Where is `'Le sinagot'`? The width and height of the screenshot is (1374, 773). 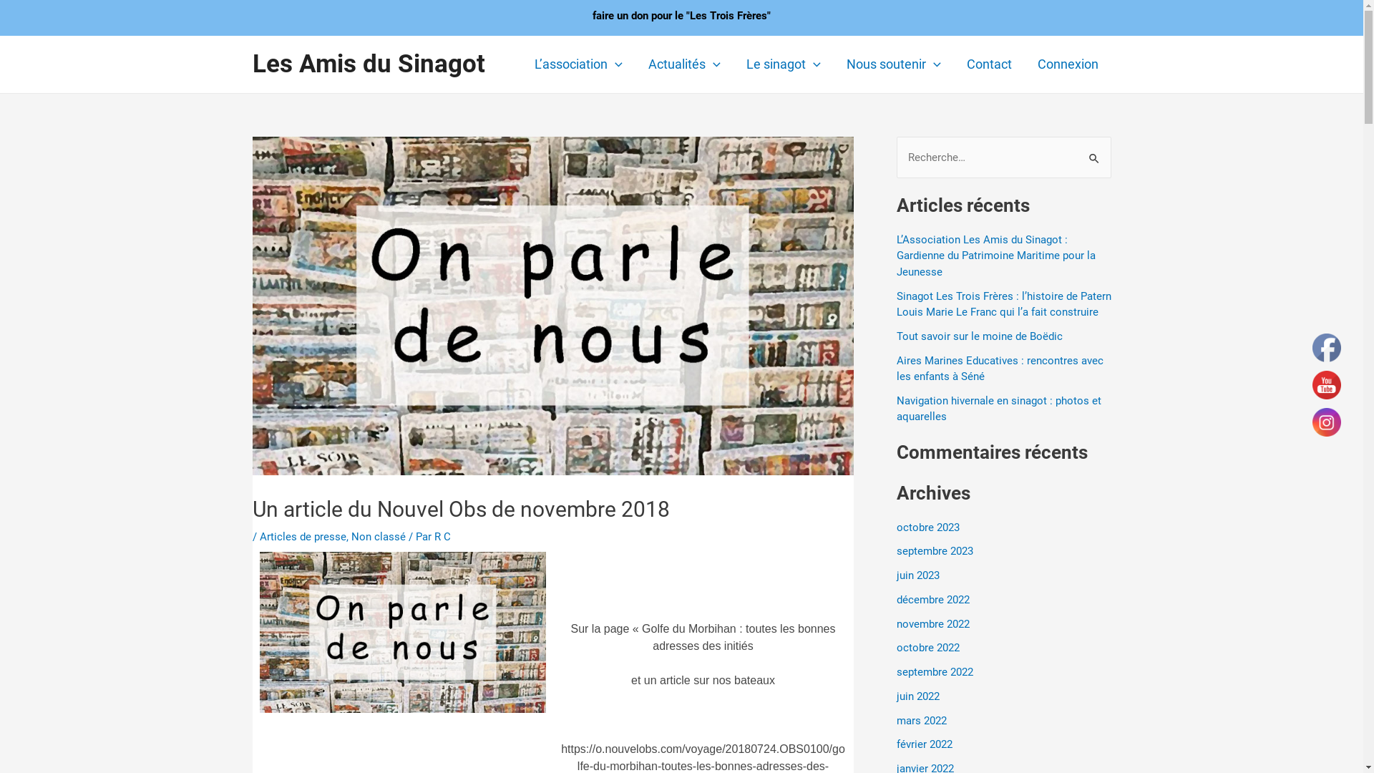 'Le sinagot' is located at coordinates (782, 63).